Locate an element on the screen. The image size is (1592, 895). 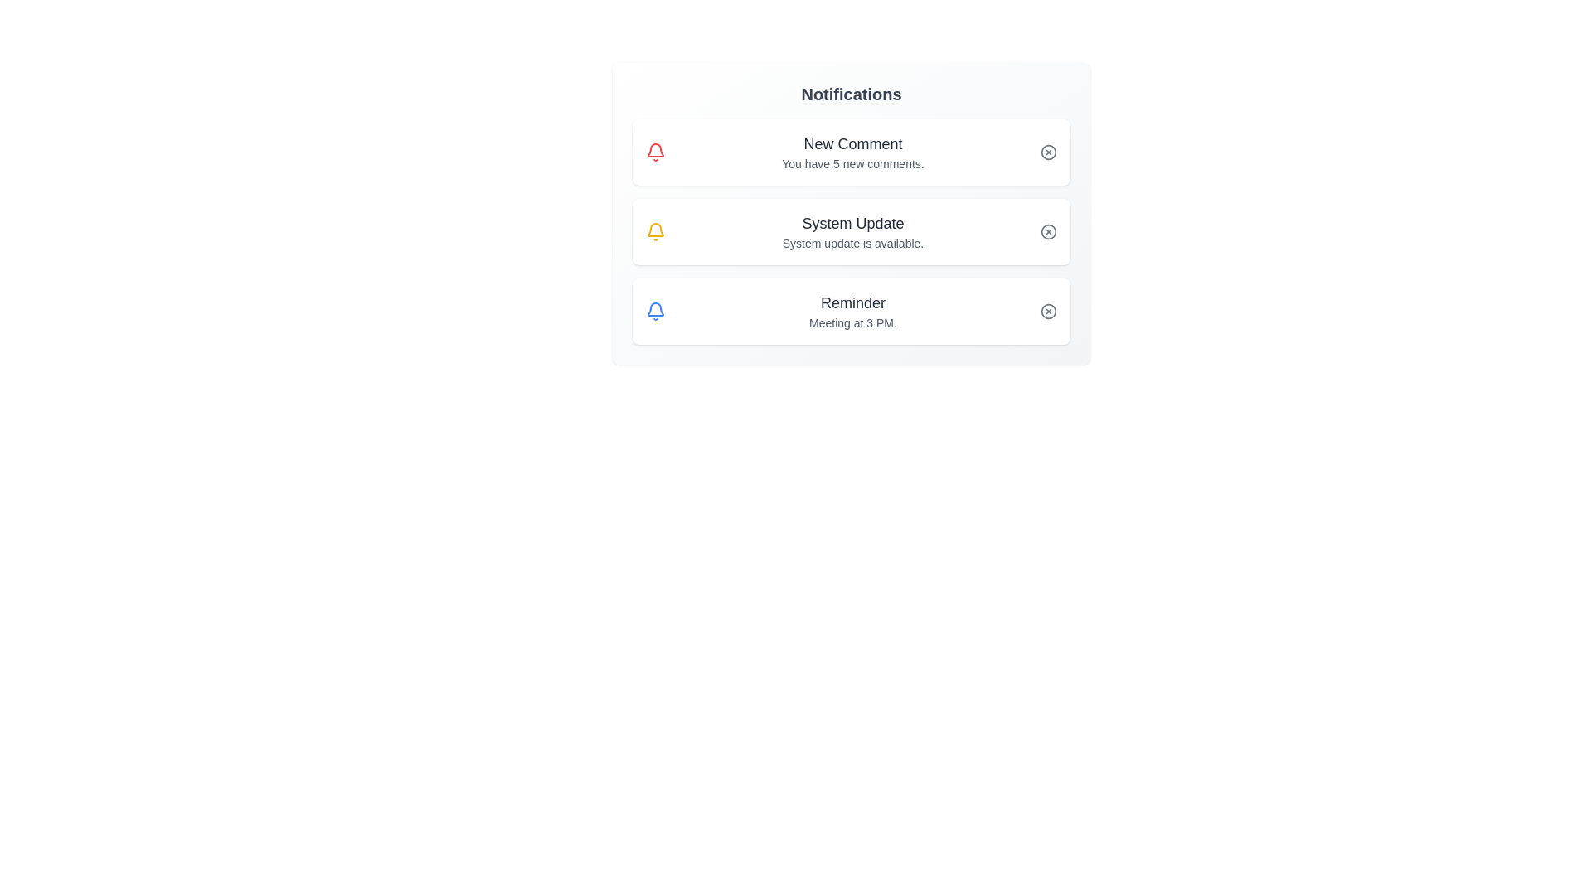
the Notification Icon, which indicates the presence of new comments or alerts, located to the left of the 'New Comment' text in the notification list is located at coordinates (655, 152).